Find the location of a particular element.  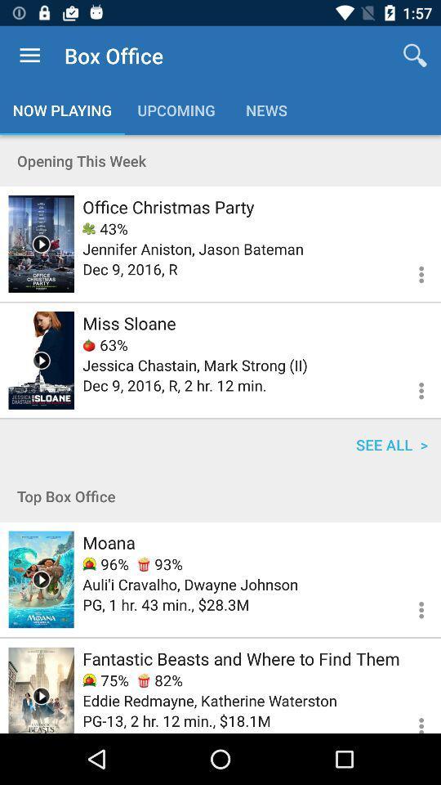

options is located at coordinates (411, 272).